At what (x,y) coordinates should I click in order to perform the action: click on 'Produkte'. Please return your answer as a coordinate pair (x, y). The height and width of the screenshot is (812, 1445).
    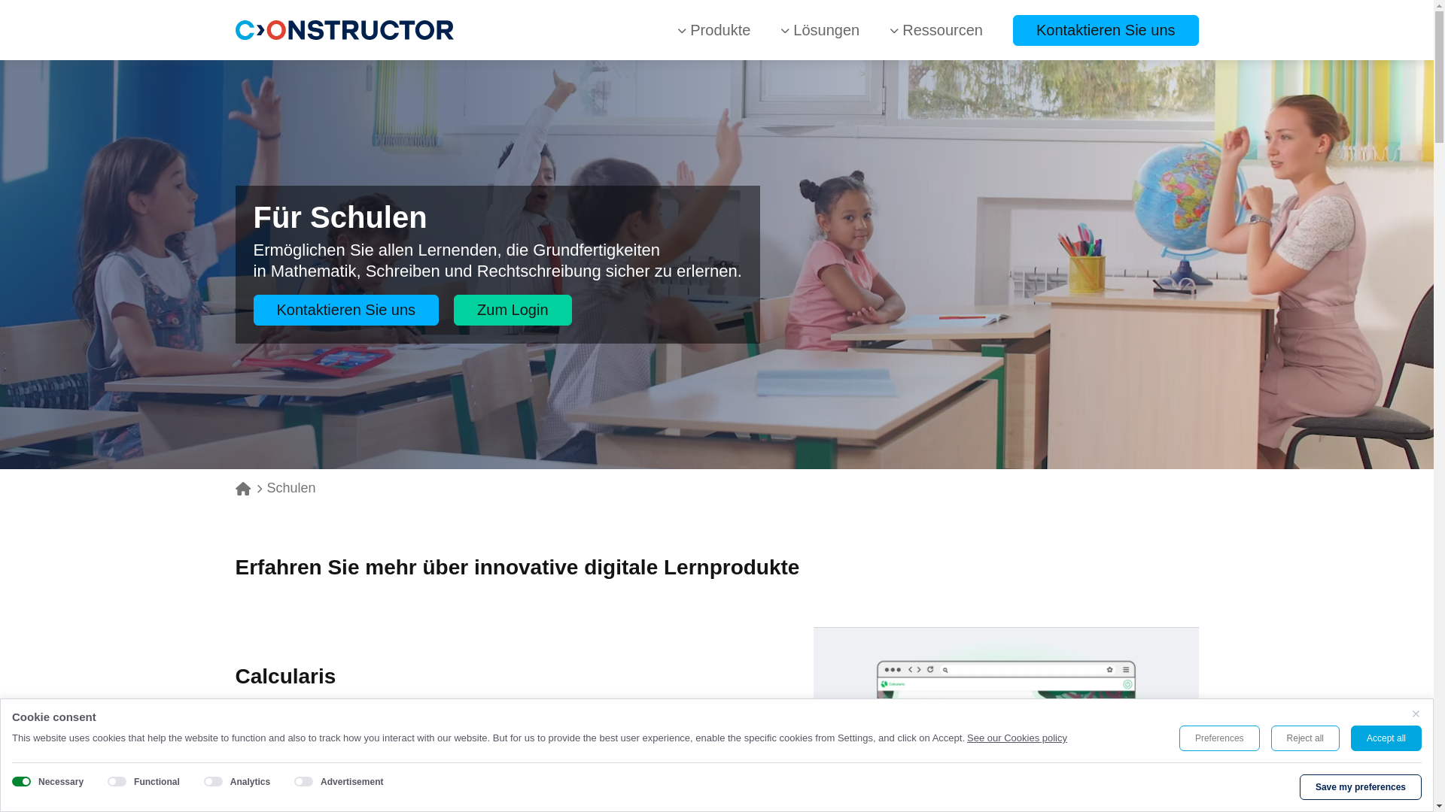
    Looking at the image, I should click on (713, 29).